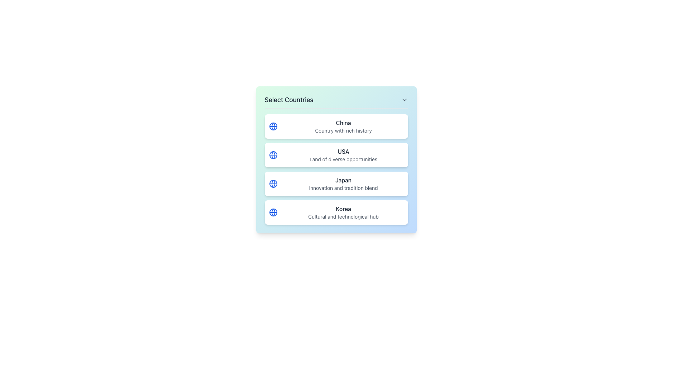 This screenshot has width=688, height=387. Describe the element at coordinates (343, 154) in the screenshot. I see `the selectable list item for 'USA' which displays the text 'USA' in bold and larger font along with 'Land of diverse opportunities' in a smaller font, located in the second row of a vertical list on a light blue panel` at that location.